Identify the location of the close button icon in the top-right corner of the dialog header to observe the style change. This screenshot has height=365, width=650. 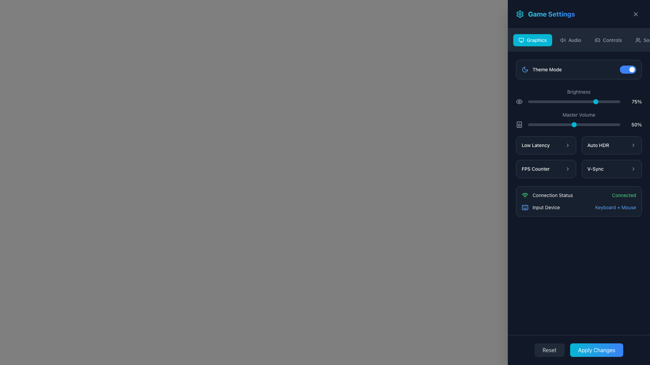
(635, 14).